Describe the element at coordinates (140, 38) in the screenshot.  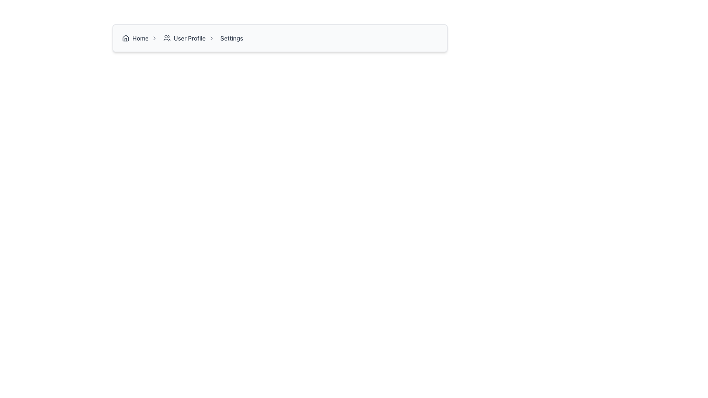
I see `the first breadcrumb navigation link to the main page` at that location.